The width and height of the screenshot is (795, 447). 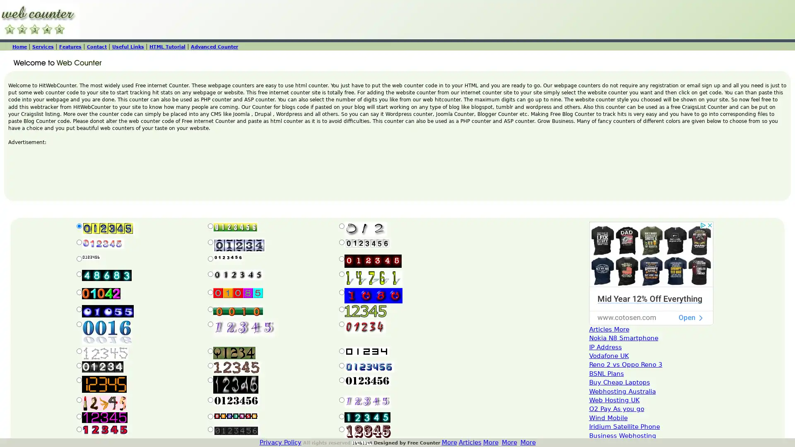 What do you see at coordinates (373, 295) in the screenshot?
I see `Submit` at bounding box center [373, 295].